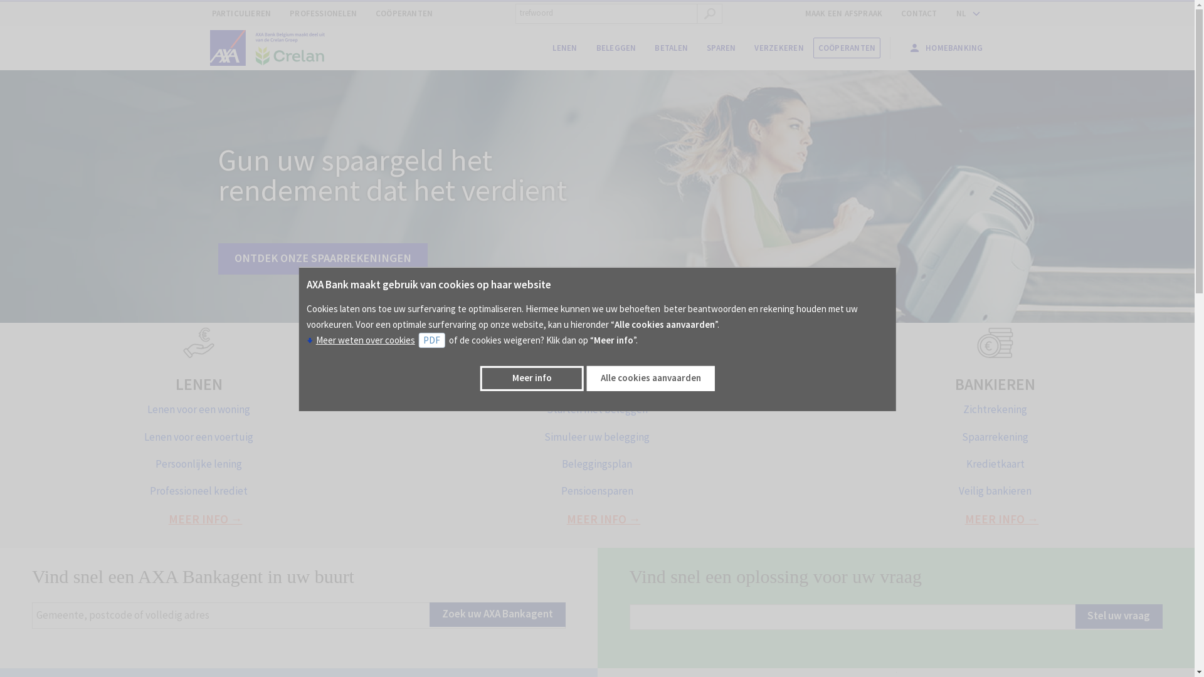 The height and width of the screenshot is (677, 1204). What do you see at coordinates (899, 47) in the screenshot?
I see `'HOMEBANKING'` at bounding box center [899, 47].